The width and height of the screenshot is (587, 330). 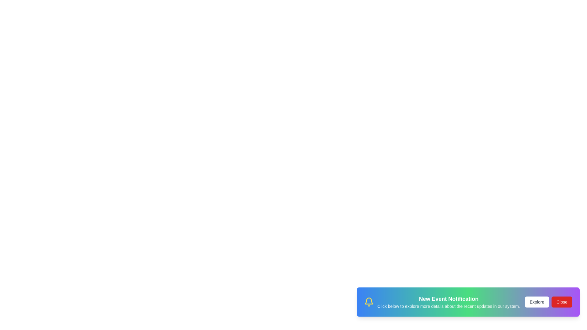 What do you see at coordinates (537, 305) in the screenshot?
I see `the 'Explore' button` at bounding box center [537, 305].